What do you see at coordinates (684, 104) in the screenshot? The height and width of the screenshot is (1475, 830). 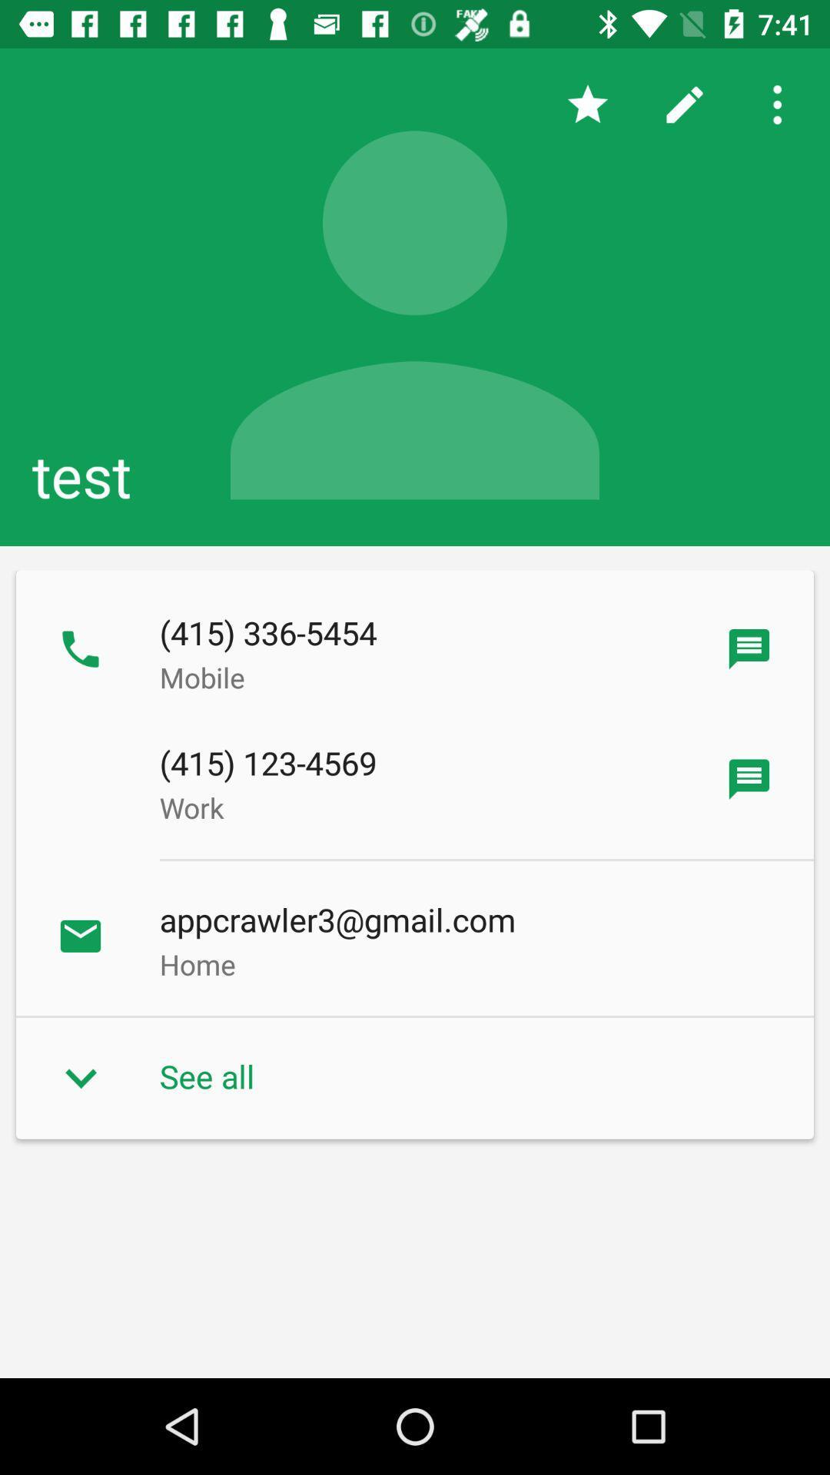 I see `the icon above test` at bounding box center [684, 104].